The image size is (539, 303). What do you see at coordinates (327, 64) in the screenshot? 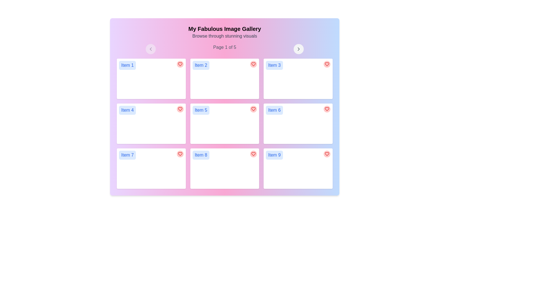
I see `the heart-shaped icon with a red hue located in the top-right corner of the card labeled 'Item 3'` at bounding box center [327, 64].